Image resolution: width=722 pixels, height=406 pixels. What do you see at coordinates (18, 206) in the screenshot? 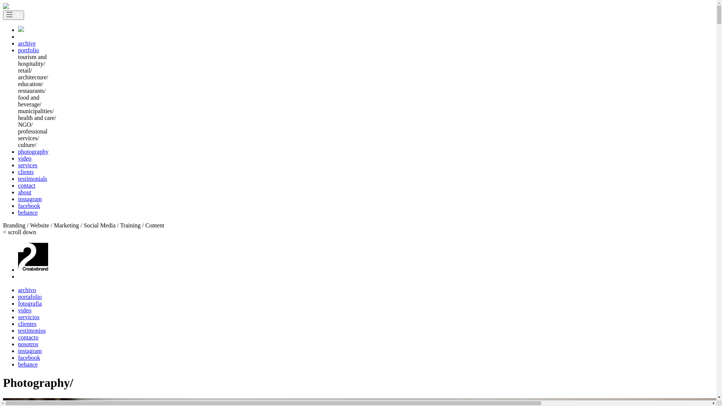
I see `'facebook'` at bounding box center [18, 206].